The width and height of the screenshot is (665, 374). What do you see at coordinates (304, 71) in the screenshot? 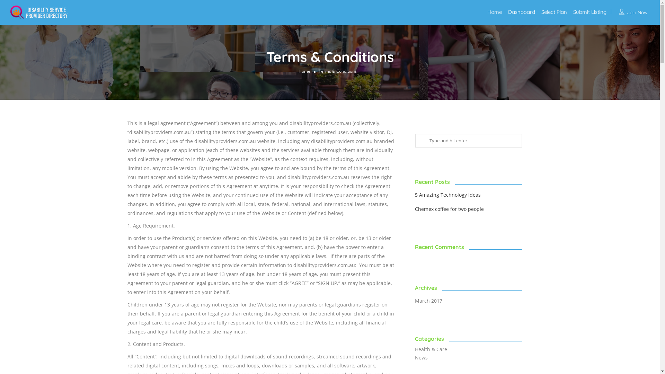
I see `'Home'` at bounding box center [304, 71].